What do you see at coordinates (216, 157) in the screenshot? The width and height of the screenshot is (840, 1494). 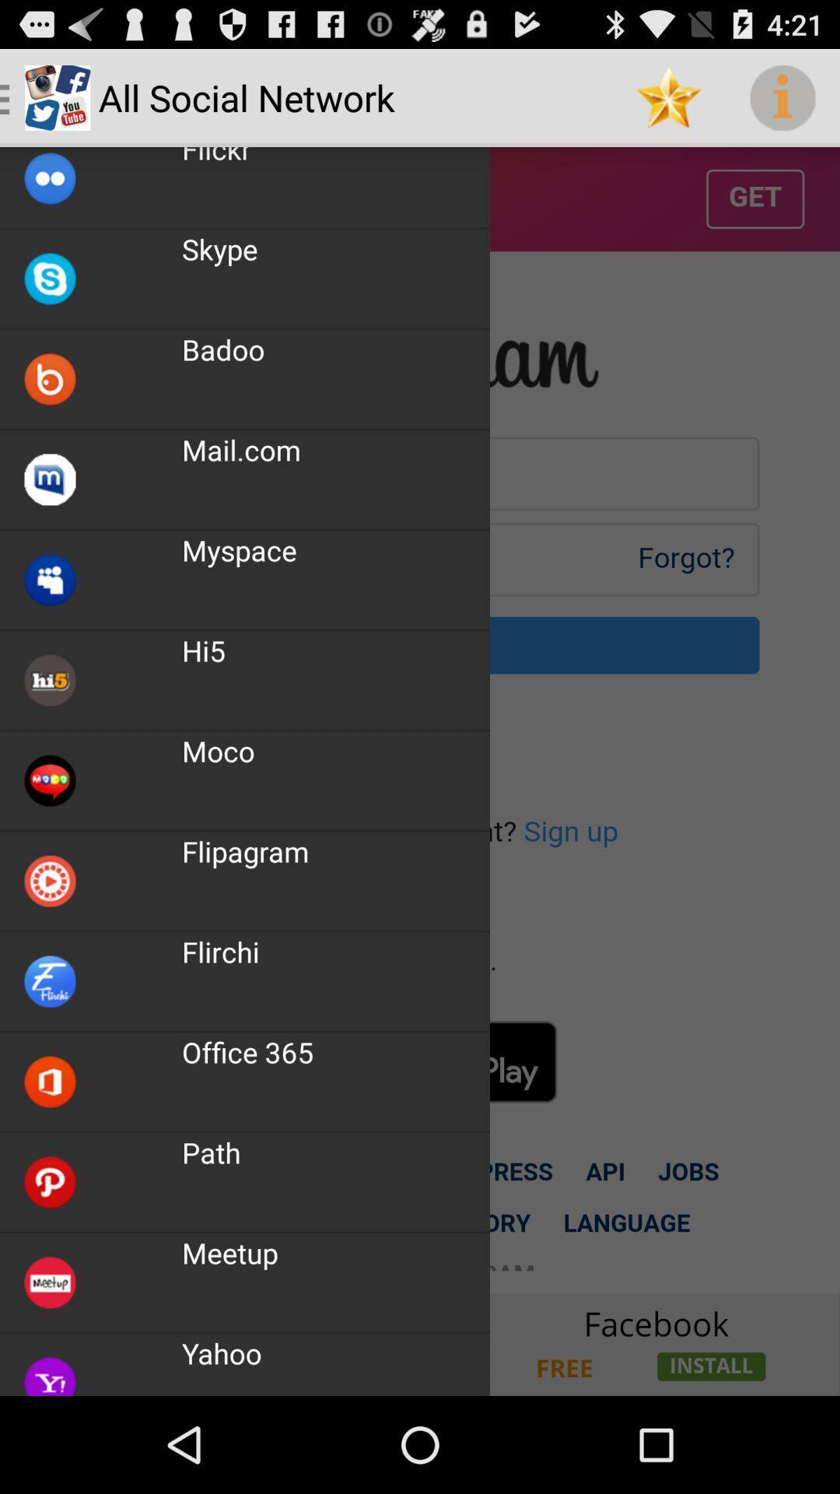 I see `icon above the skype app` at bounding box center [216, 157].